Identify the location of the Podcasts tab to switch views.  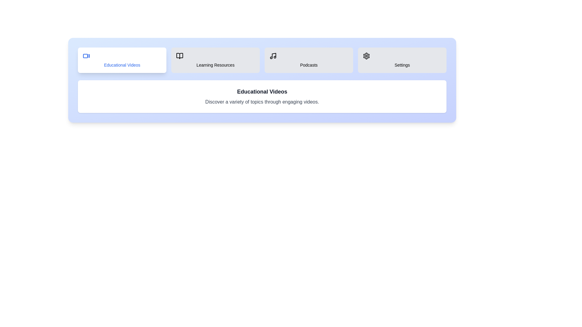
(309, 60).